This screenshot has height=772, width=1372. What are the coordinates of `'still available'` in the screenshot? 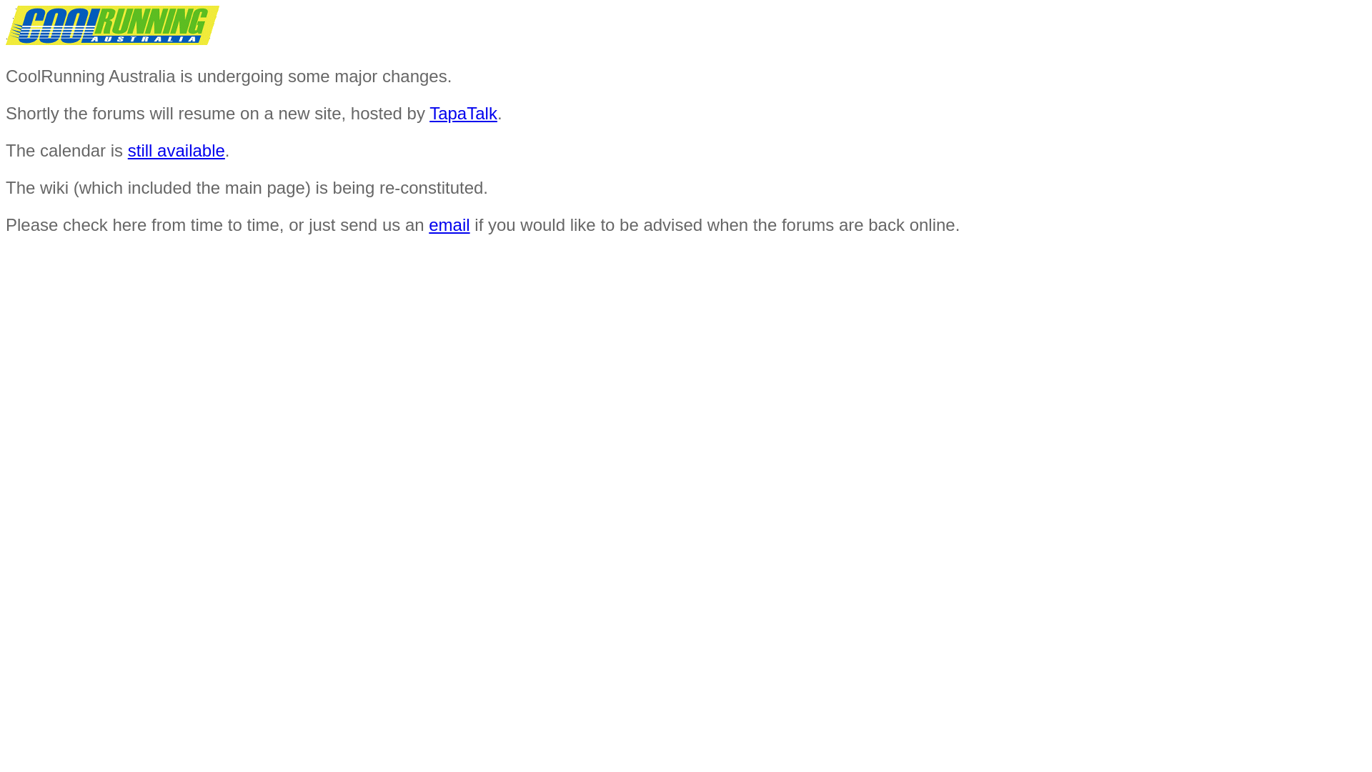 It's located at (175, 150).